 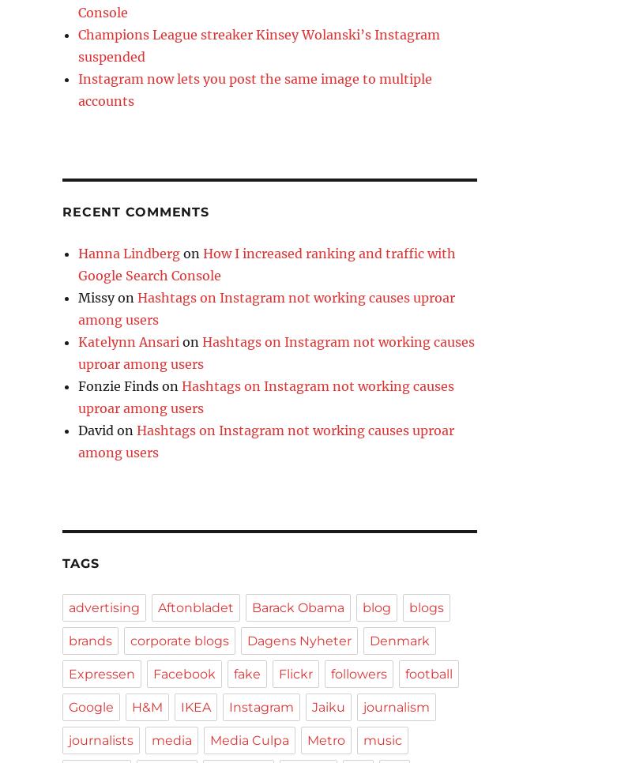 I want to click on 'followers', so click(x=358, y=673).